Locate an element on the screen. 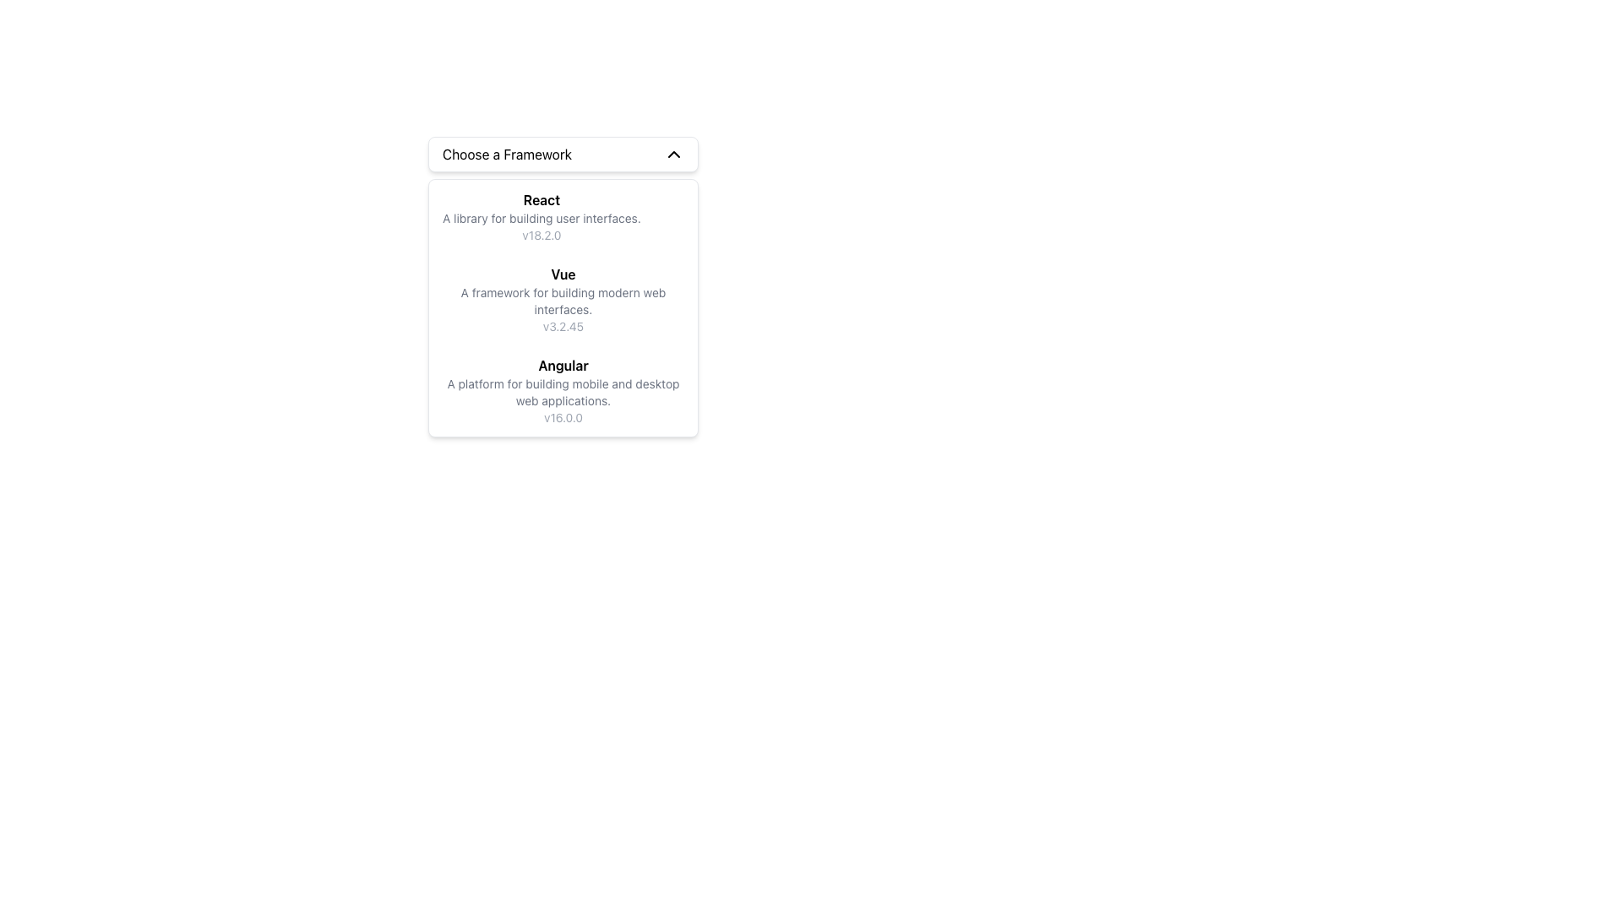  the text label displaying 'React' in bold font, which is the title within its grouping at the top of the card-like structure for the React framework is located at coordinates (542, 198).